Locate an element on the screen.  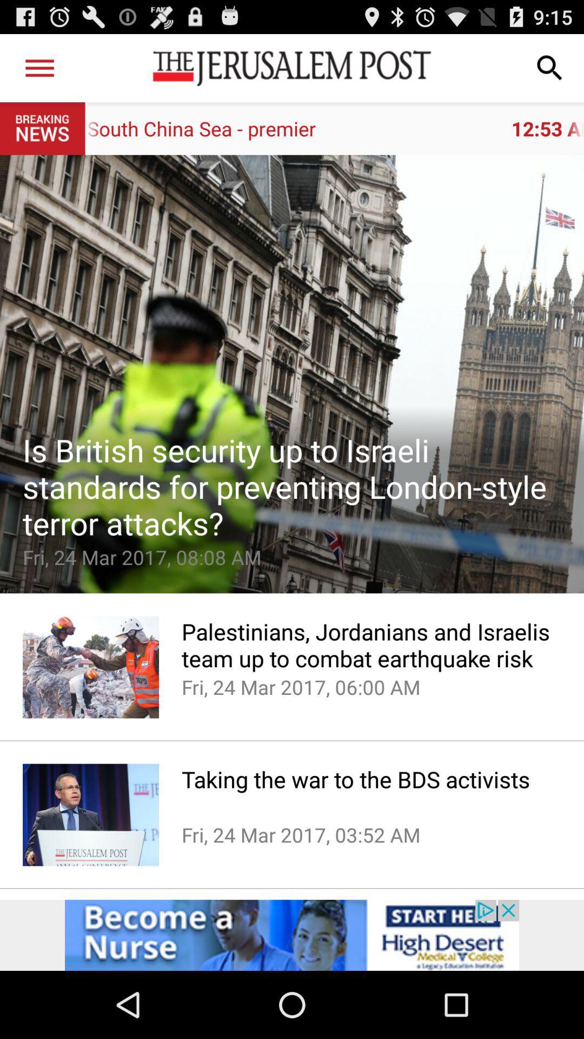
advertisement is located at coordinates (292, 935).